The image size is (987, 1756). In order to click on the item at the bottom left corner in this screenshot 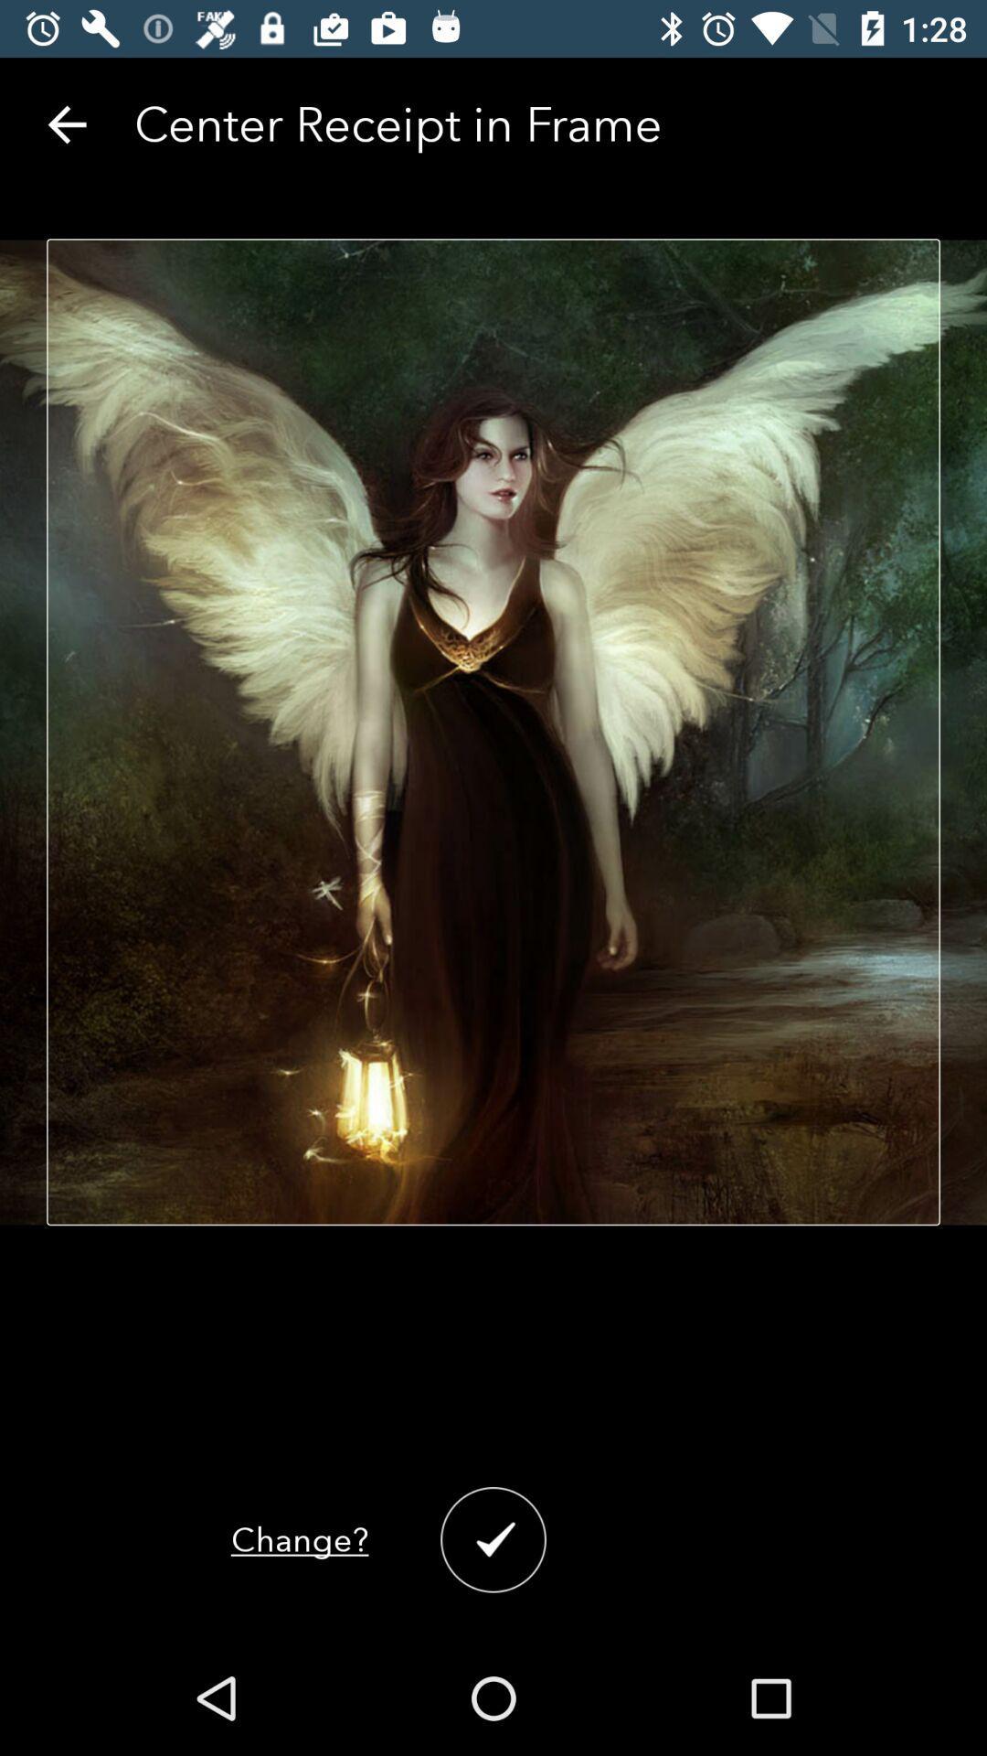, I will do `click(299, 1538)`.